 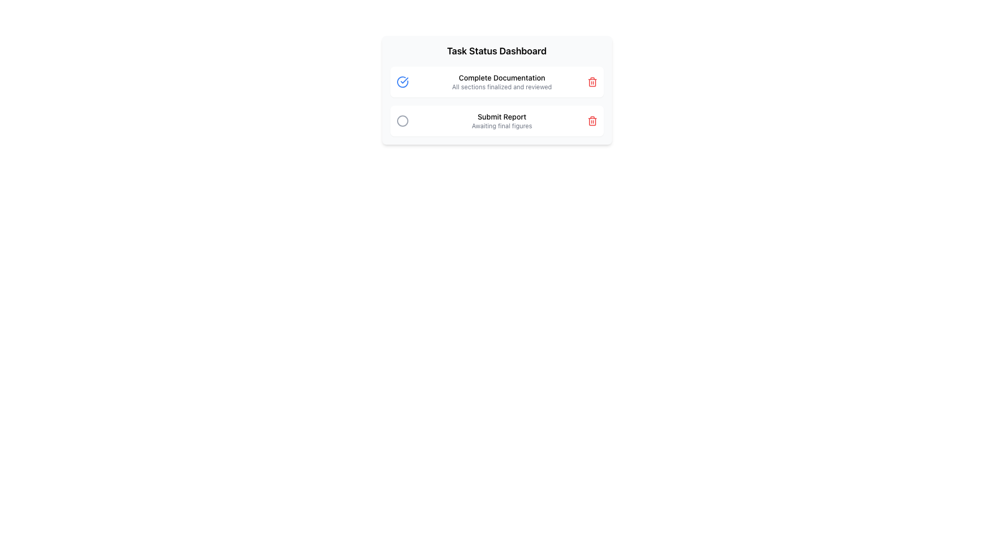 I want to click on the text label reading 'Awaiting final figures', which is styled in a small font size and light gray color, located below the 'Submit Report' label in the task dashboard area, so click(x=502, y=126).